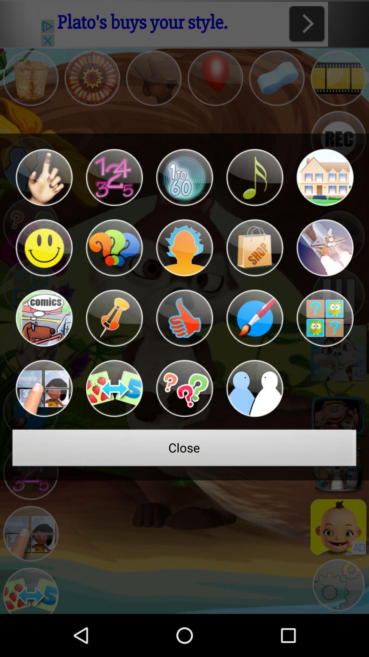 The height and width of the screenshot is (657, 369). I want to click on open a hairstyle menu, so click(184, 247).